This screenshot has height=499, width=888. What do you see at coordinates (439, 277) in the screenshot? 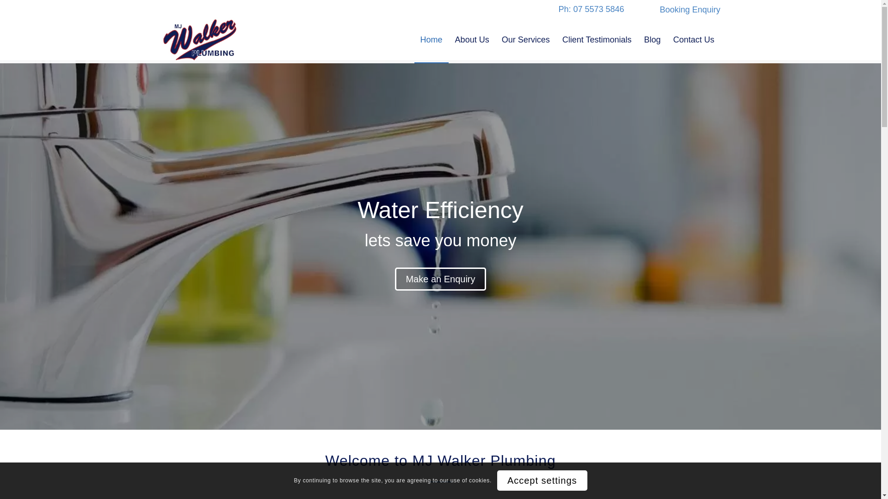
I see `'Make an Enquiry'` at bounding box center [439, 277].